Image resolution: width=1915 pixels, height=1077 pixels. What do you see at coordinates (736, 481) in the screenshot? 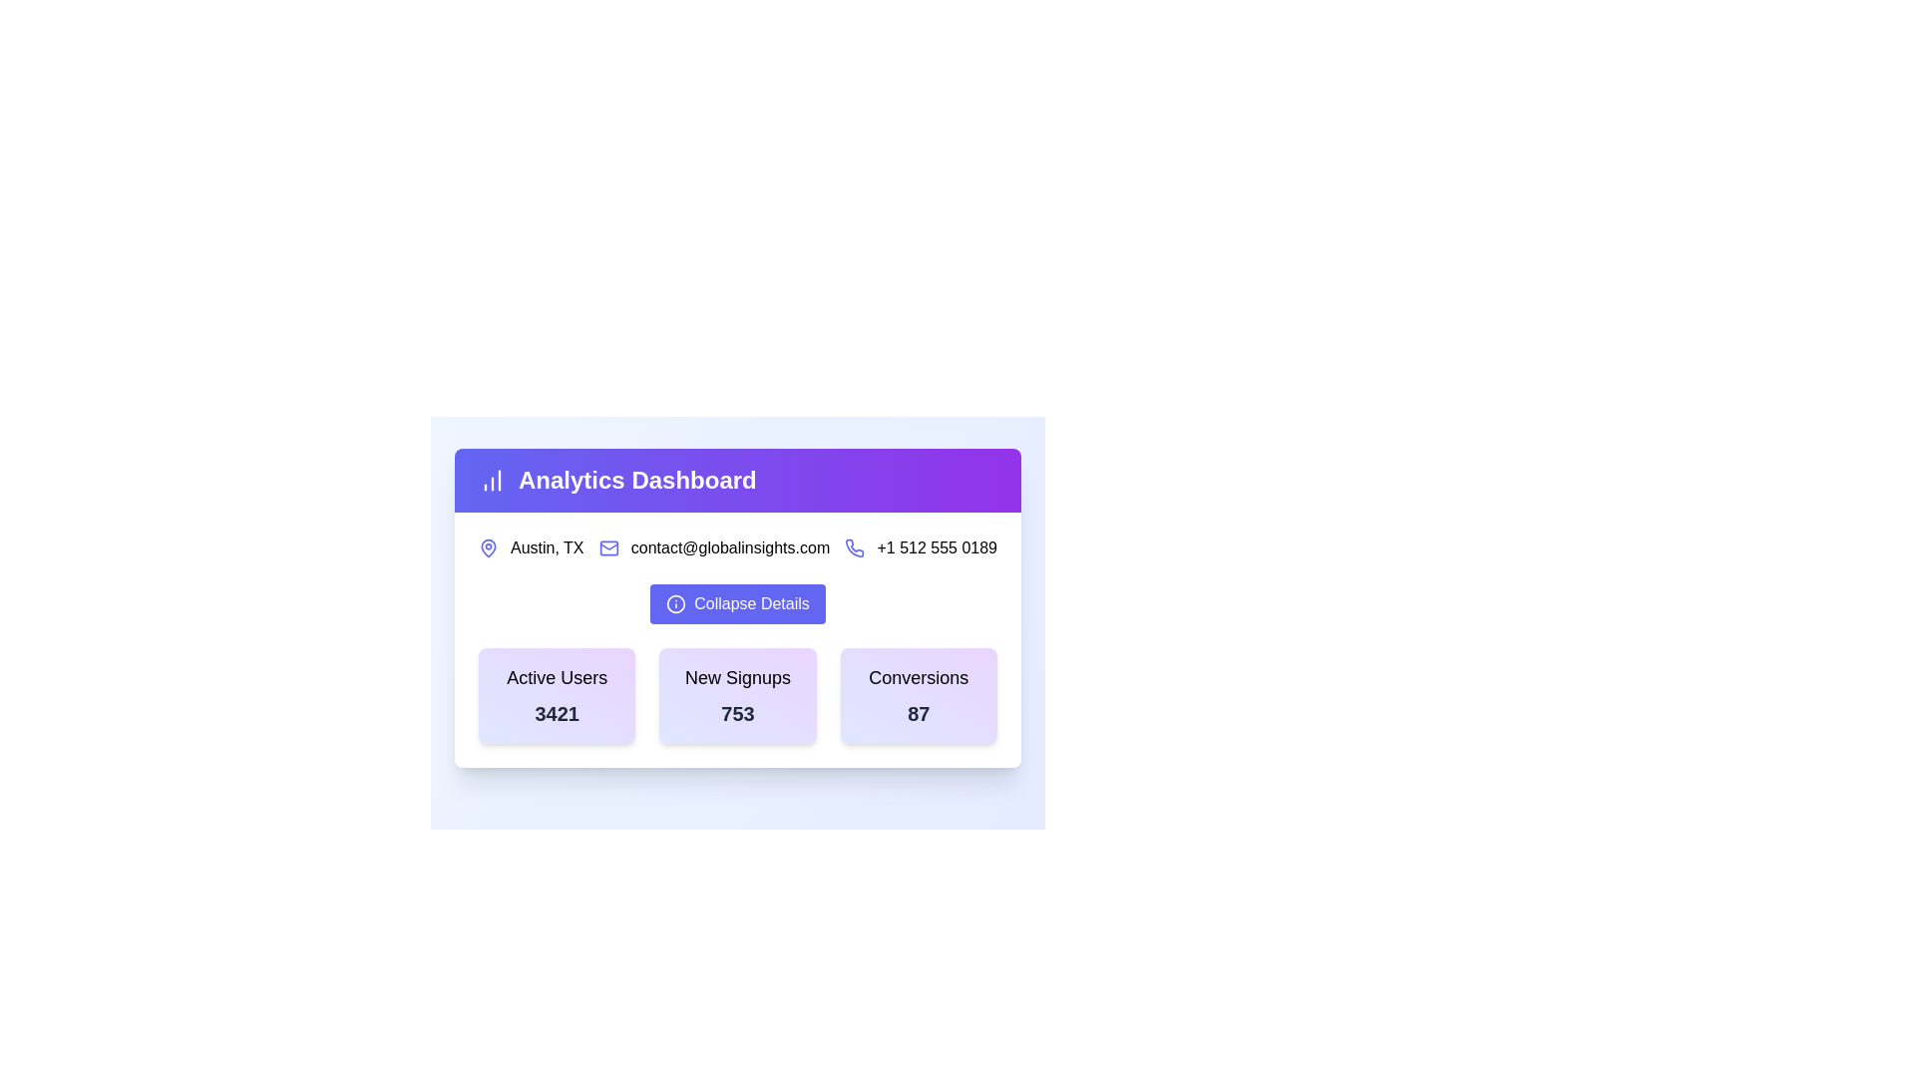
I see `the header element with a gradient background transitioning from indigo to purple, featuring the text 'Analytics Dashboard' and a bar chart icon on the left` at bounding box center [736, 481].